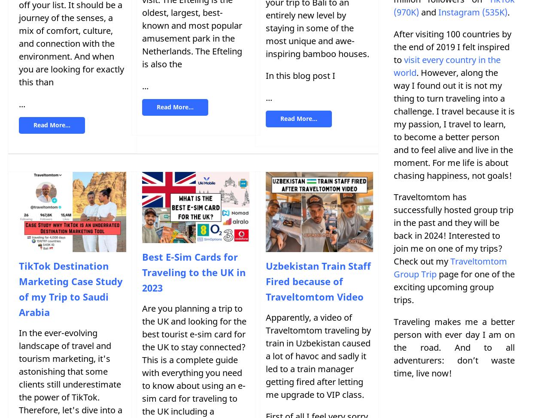 This screenshot has width=547, height=418. Describe the element at coordinates (508, 12) in the screenshot. I see `'.'` at that location.